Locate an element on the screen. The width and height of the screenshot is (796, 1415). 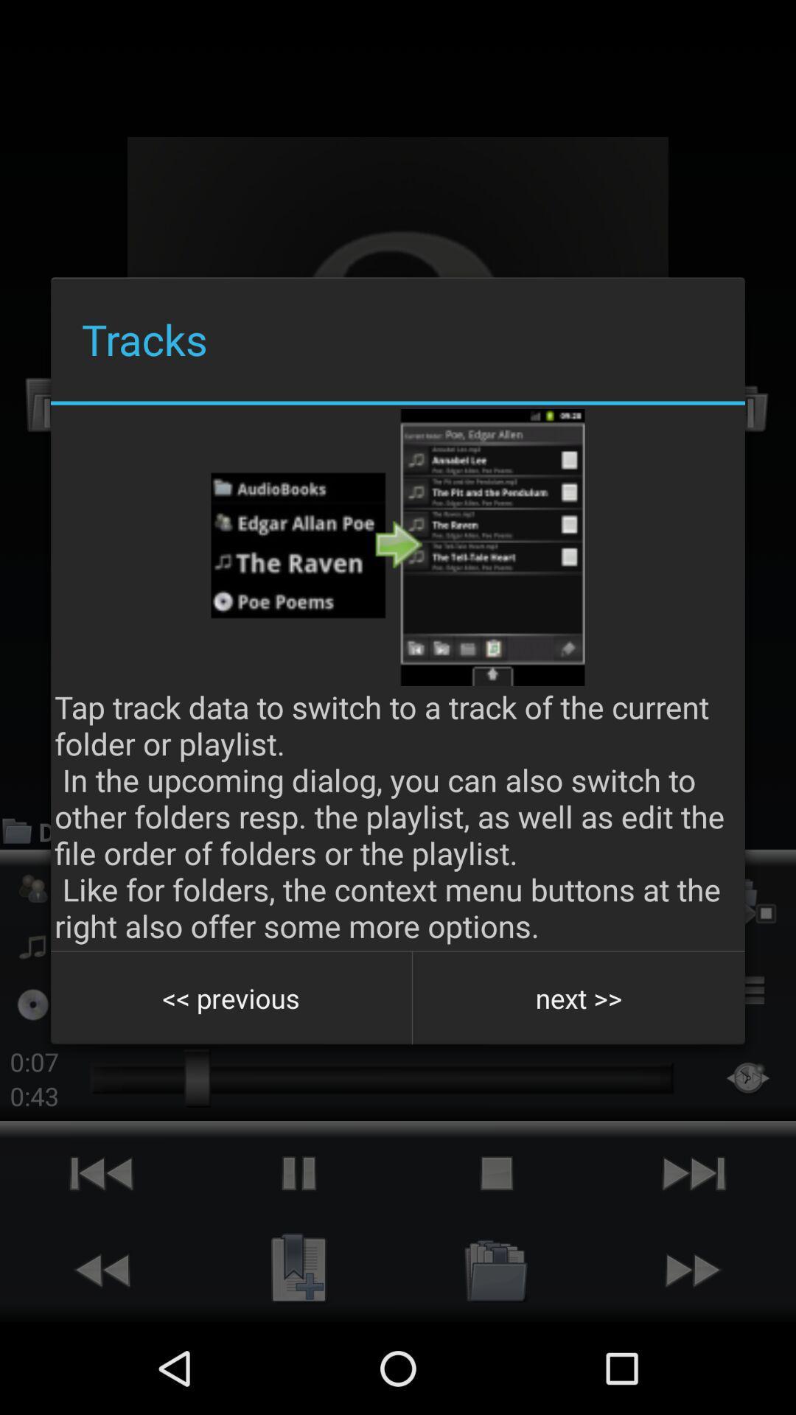
the icon below tap track data is located at coordinates (578, 998).